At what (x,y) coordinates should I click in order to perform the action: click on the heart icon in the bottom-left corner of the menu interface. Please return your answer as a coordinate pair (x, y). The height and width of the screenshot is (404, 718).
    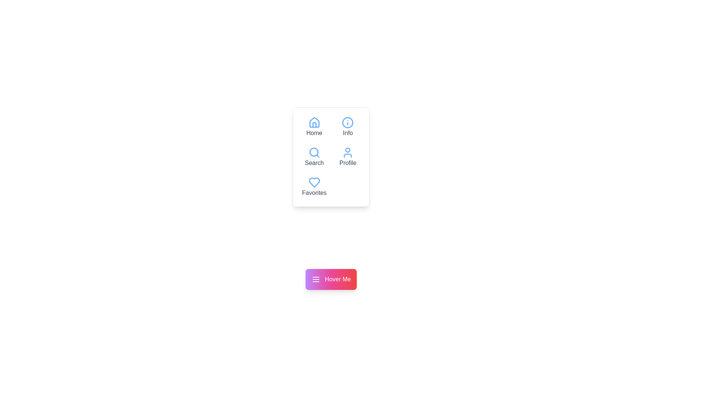
    Looking at the image, I should click on (314, 183).